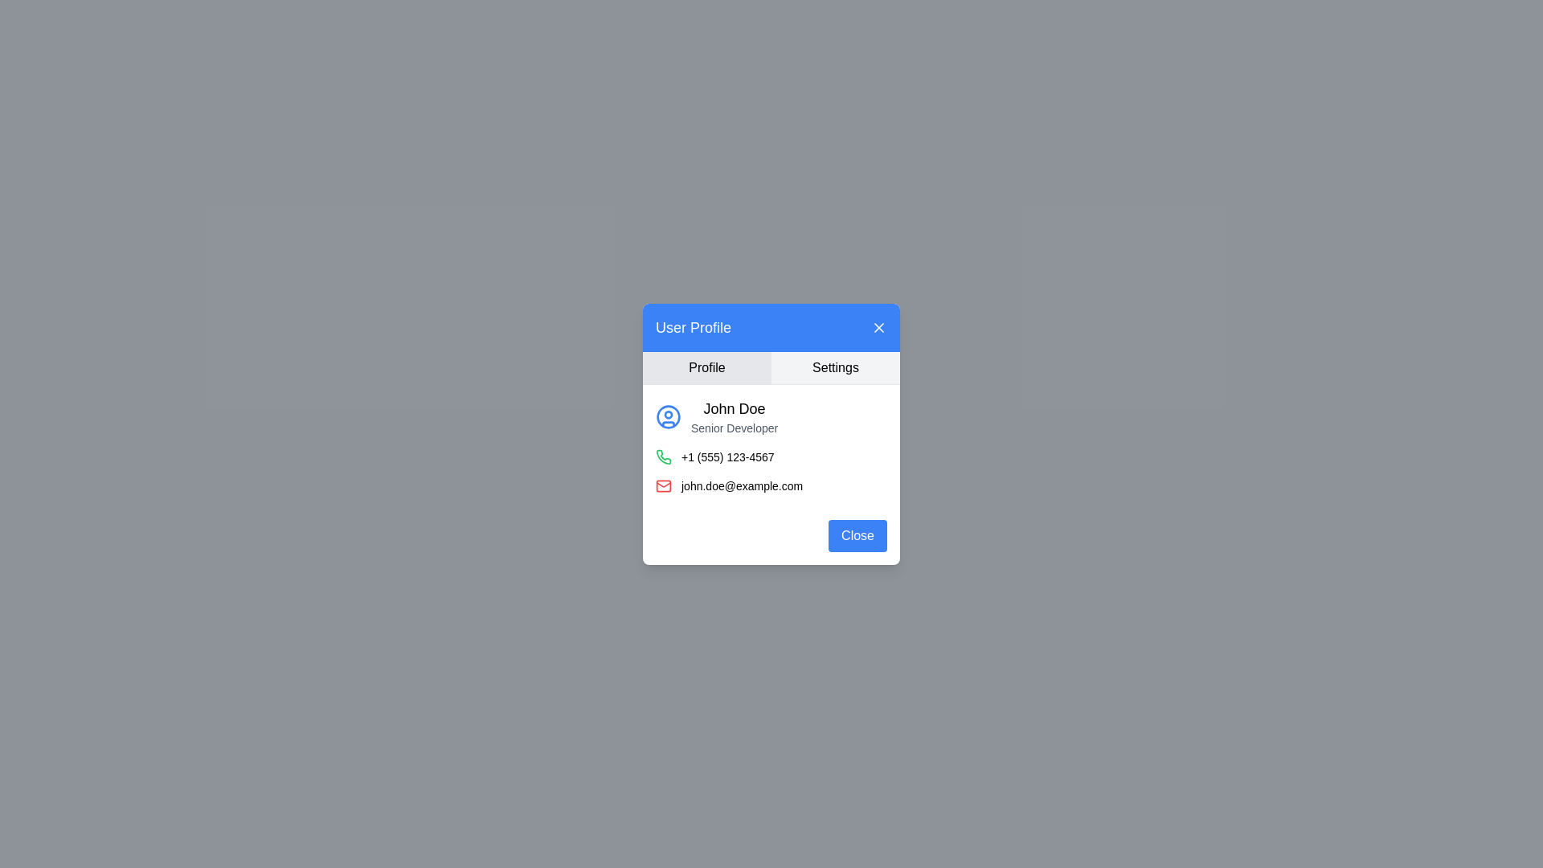 The height and width of the screenshot is (868, 1543). What do you see at coordinates (663, 485) in the screenshot?
I see `the red envelope icon located in the lower section of the 'User Profile' dialog, next to the email address` at bounding box center [663, 485].